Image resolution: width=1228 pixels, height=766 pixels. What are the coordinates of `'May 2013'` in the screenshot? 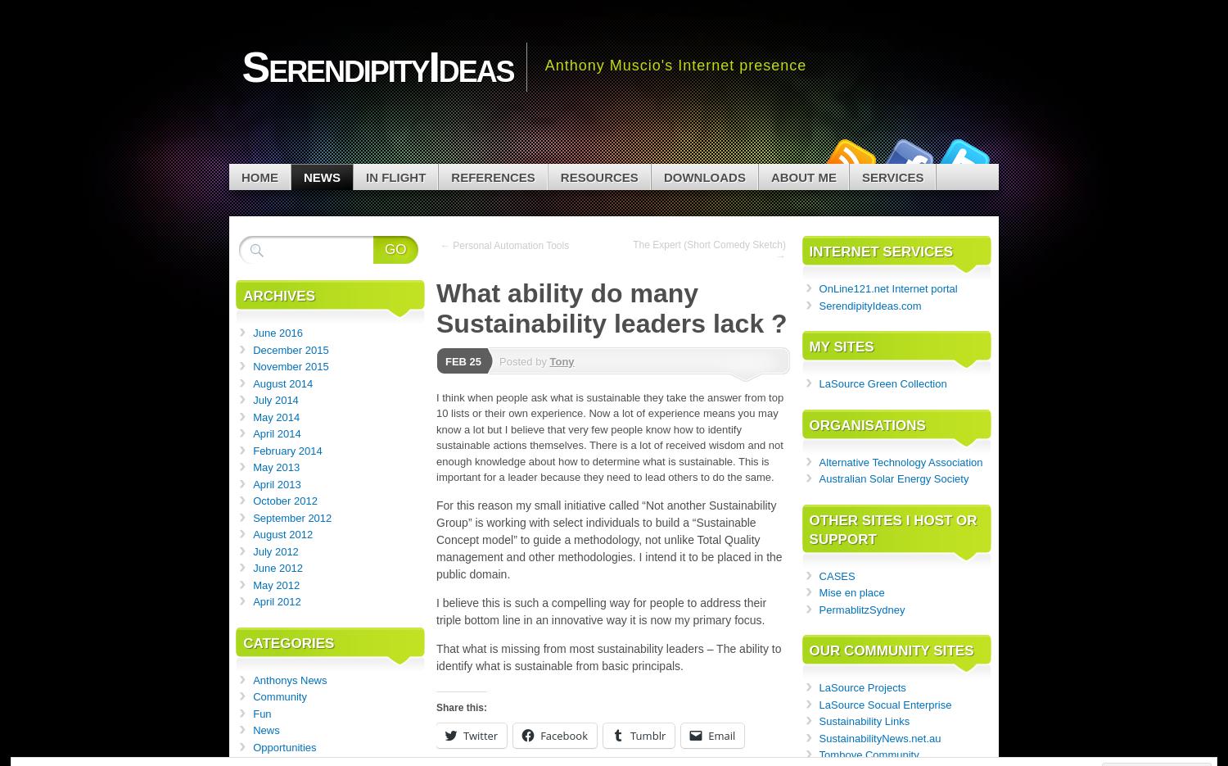 It's located at (275, 467).